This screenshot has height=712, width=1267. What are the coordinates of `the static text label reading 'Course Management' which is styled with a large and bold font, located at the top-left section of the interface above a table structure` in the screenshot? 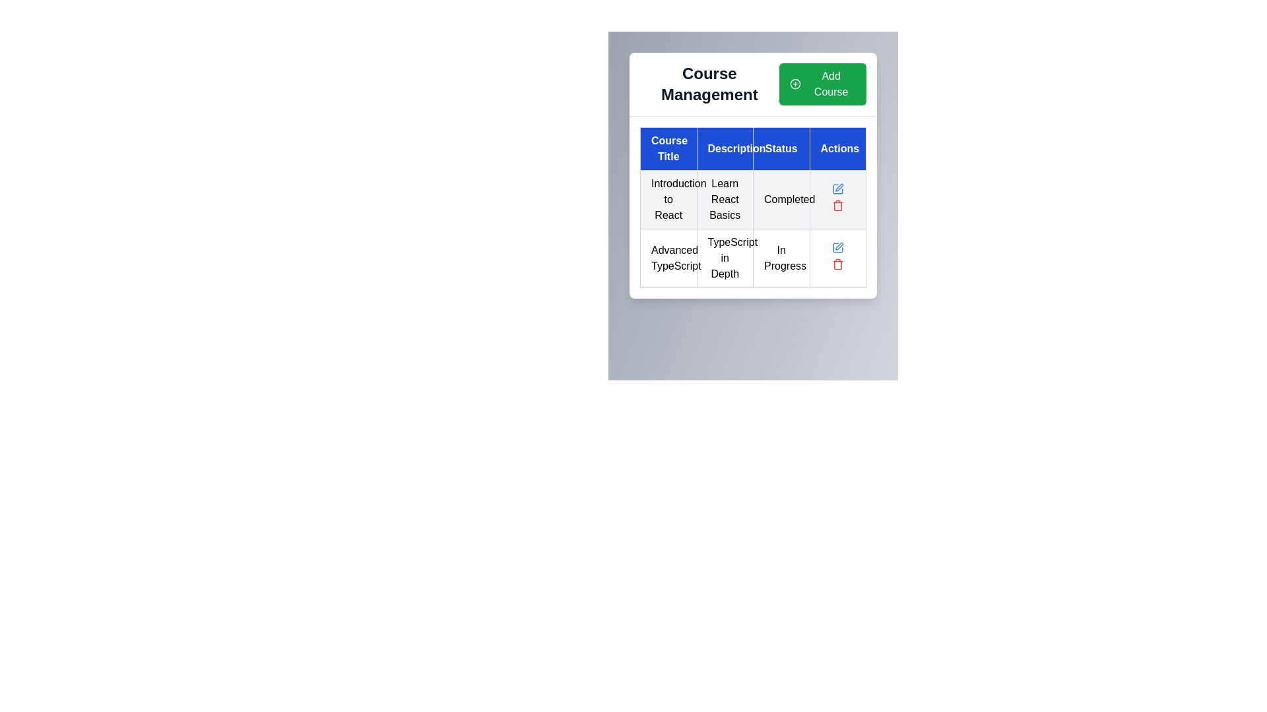 It's located at (709, 84).